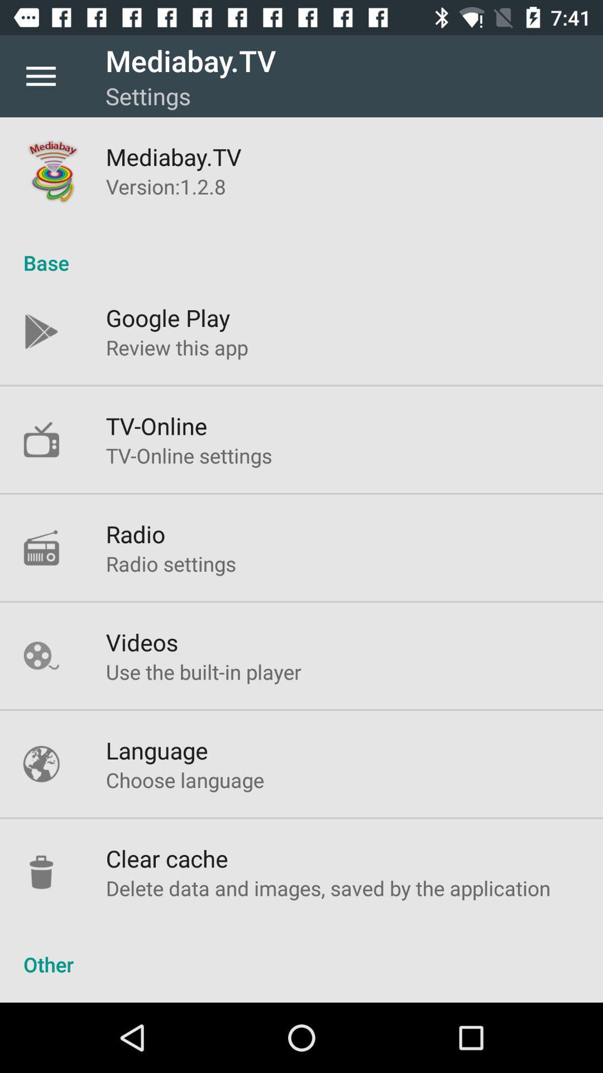  Describe the element at coordinates (176, 346) in the screenshot. I see `the item above tv-online icon` at that location.